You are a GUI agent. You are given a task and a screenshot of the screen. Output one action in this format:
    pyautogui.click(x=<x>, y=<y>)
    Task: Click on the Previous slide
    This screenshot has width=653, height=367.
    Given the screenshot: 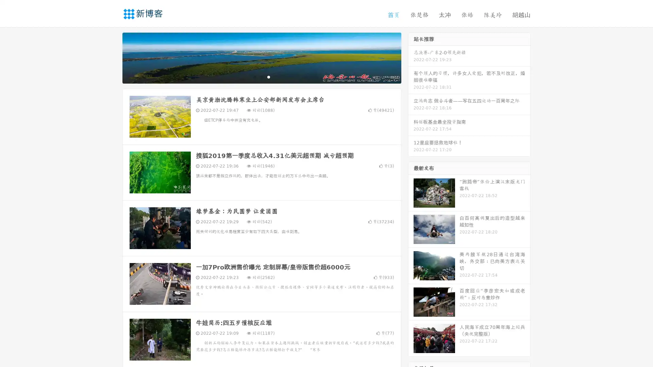 What is the action you would take?
    pyautogui.click(x=112, y=57)
    